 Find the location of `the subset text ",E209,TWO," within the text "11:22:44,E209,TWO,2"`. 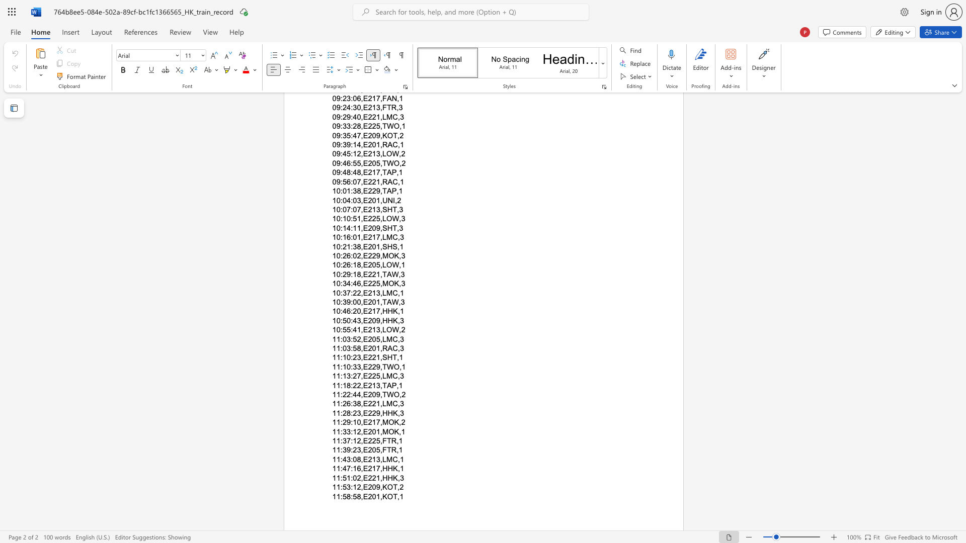

the subset text ",E209,TWO," within the text "11:22:44,E209,TWO,2" is located at coordinates (361, 394).